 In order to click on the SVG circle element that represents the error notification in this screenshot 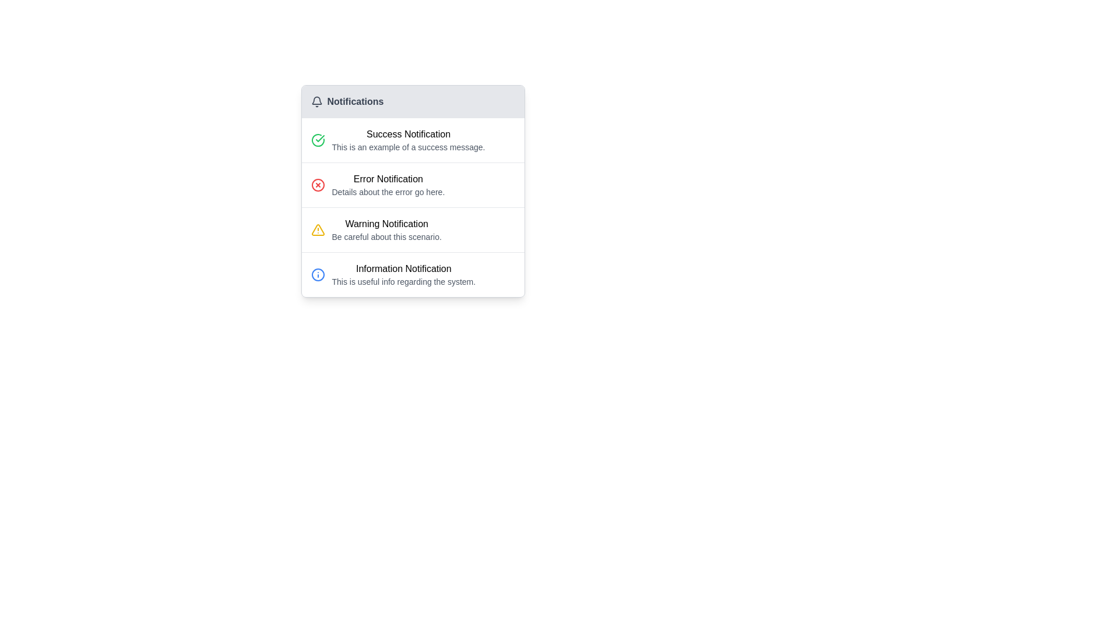, I will do `click(318, 184)`.